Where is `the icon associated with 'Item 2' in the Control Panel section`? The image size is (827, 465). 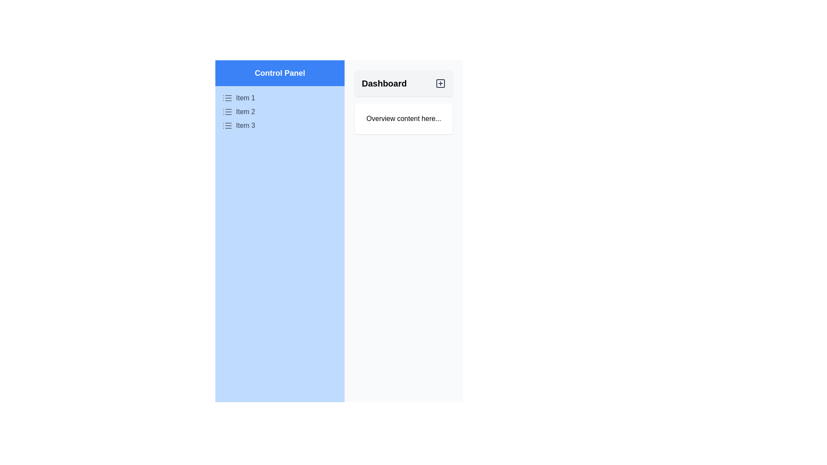
the icon associated with 'Item 2' in the Control Panel section is located at coordinates (227, 111).